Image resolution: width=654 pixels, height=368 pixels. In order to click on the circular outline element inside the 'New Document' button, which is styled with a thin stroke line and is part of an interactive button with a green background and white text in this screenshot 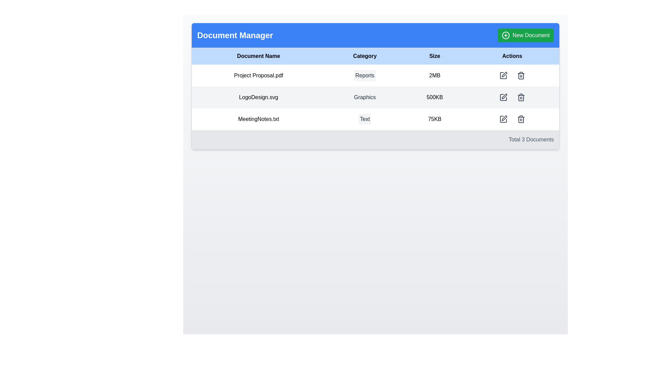, I will do `click(505, 35)`.